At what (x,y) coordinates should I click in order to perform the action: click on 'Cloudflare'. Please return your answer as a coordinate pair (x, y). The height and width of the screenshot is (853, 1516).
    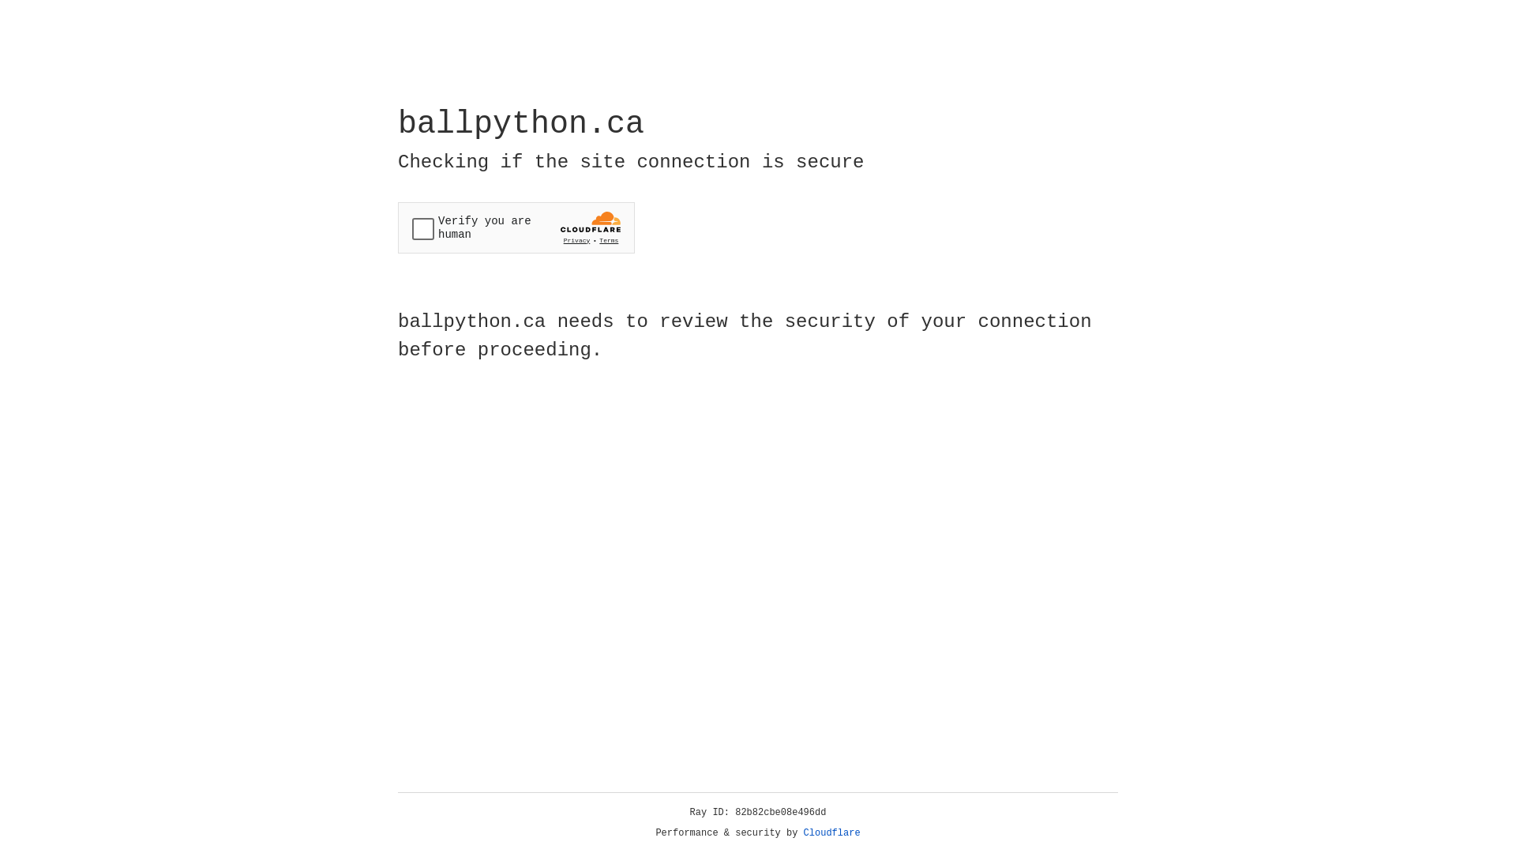
    Looking at the image, I should click on (831, 832).